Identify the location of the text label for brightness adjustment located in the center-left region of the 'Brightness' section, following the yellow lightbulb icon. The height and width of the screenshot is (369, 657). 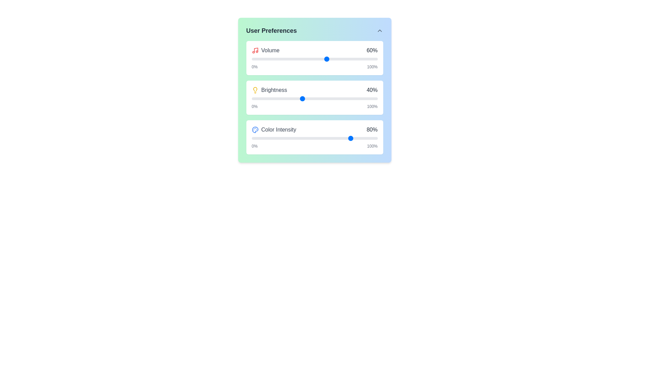
(274, 90).